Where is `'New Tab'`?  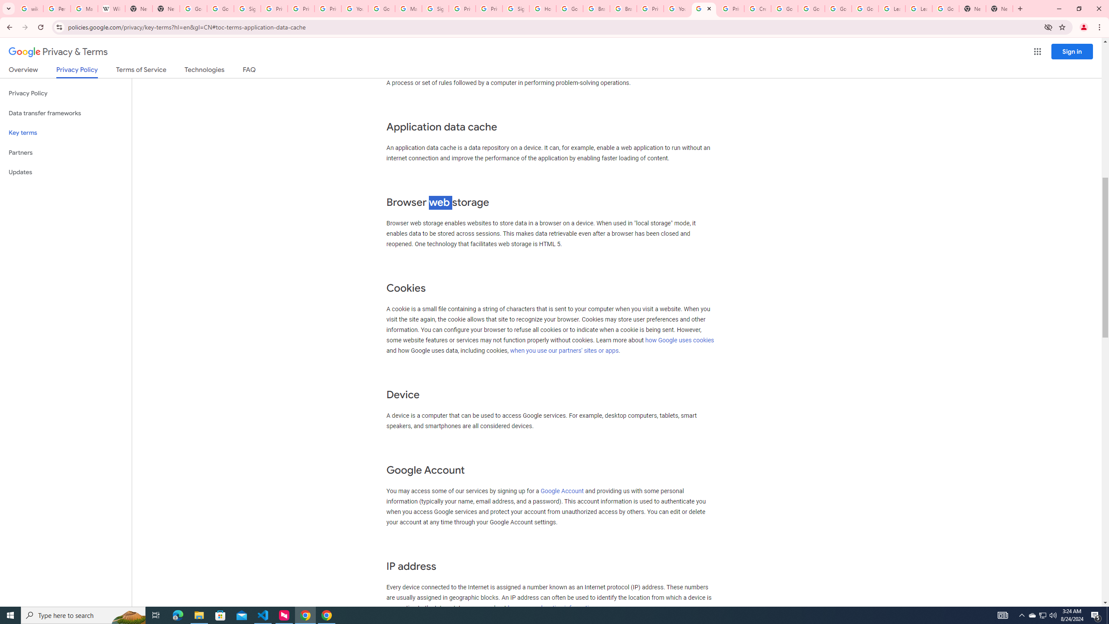 'New Tab' is located at coordinates (999, 8).